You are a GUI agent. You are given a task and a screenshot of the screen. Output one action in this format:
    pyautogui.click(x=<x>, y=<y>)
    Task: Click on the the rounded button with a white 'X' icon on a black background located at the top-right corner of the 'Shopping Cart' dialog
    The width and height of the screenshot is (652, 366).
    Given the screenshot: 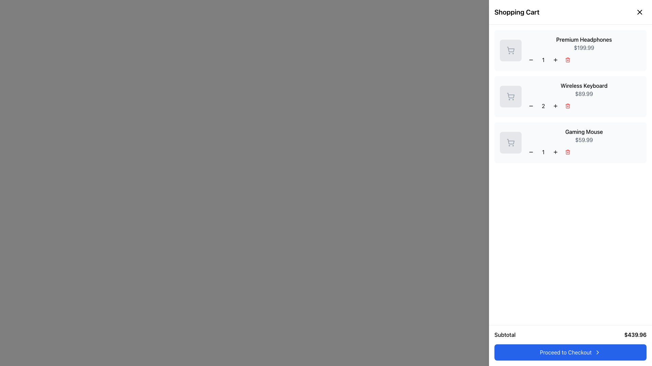 What is the action you would take?
    pyautogui.click(x=638, y=13)
    